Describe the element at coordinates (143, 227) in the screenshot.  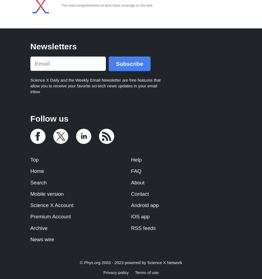
I see `'RSS feeds'` at that location.